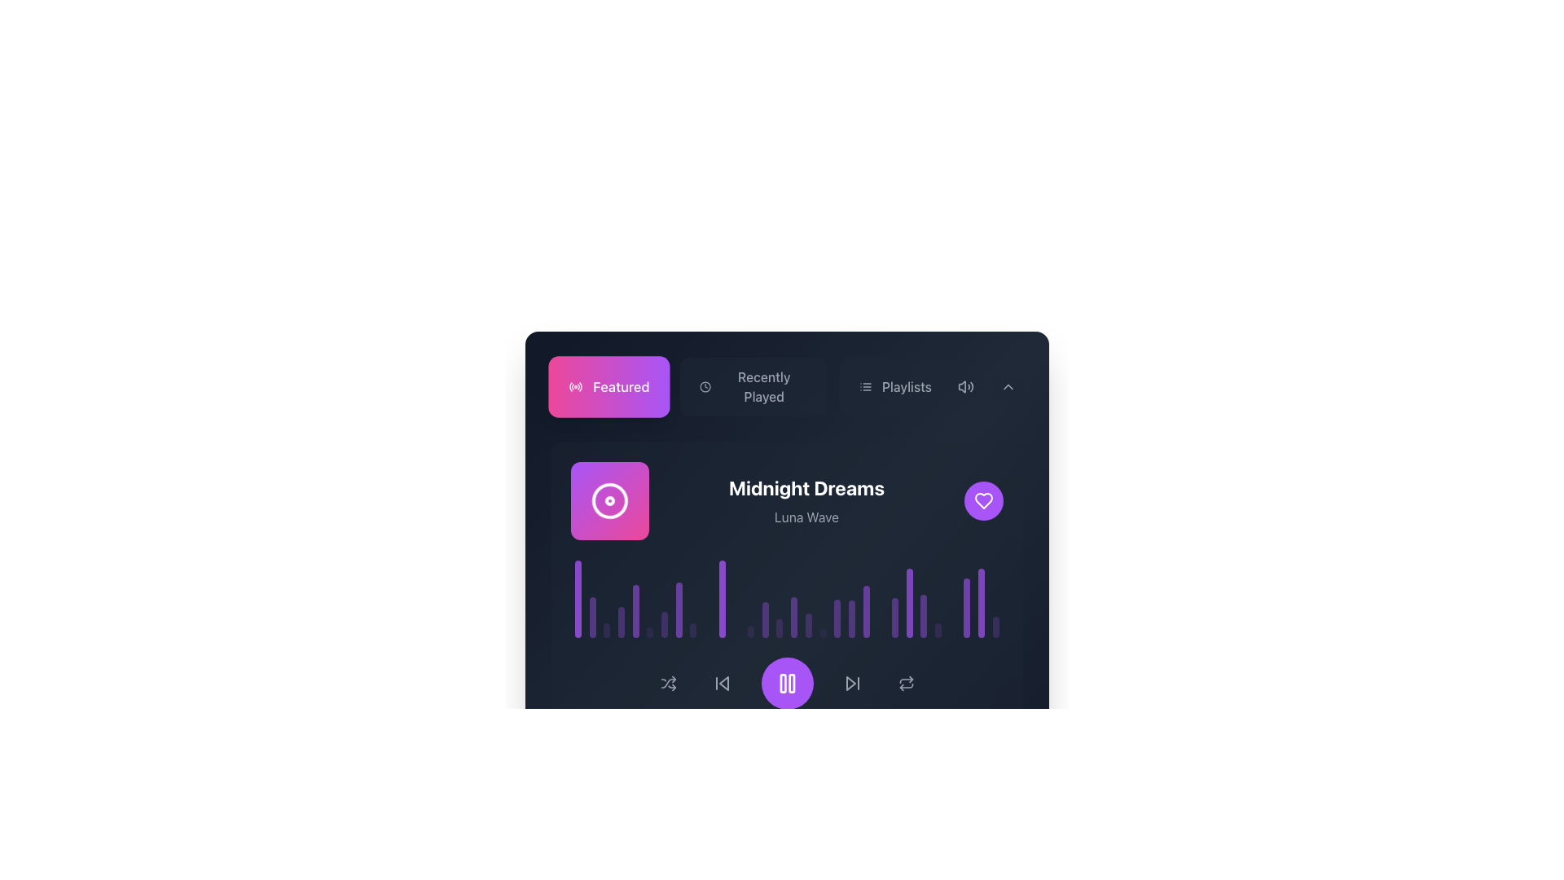  Describe the element at coordinates (787, 684) in the screenshot. I see `the circular purple button with a pause icon` at that location.